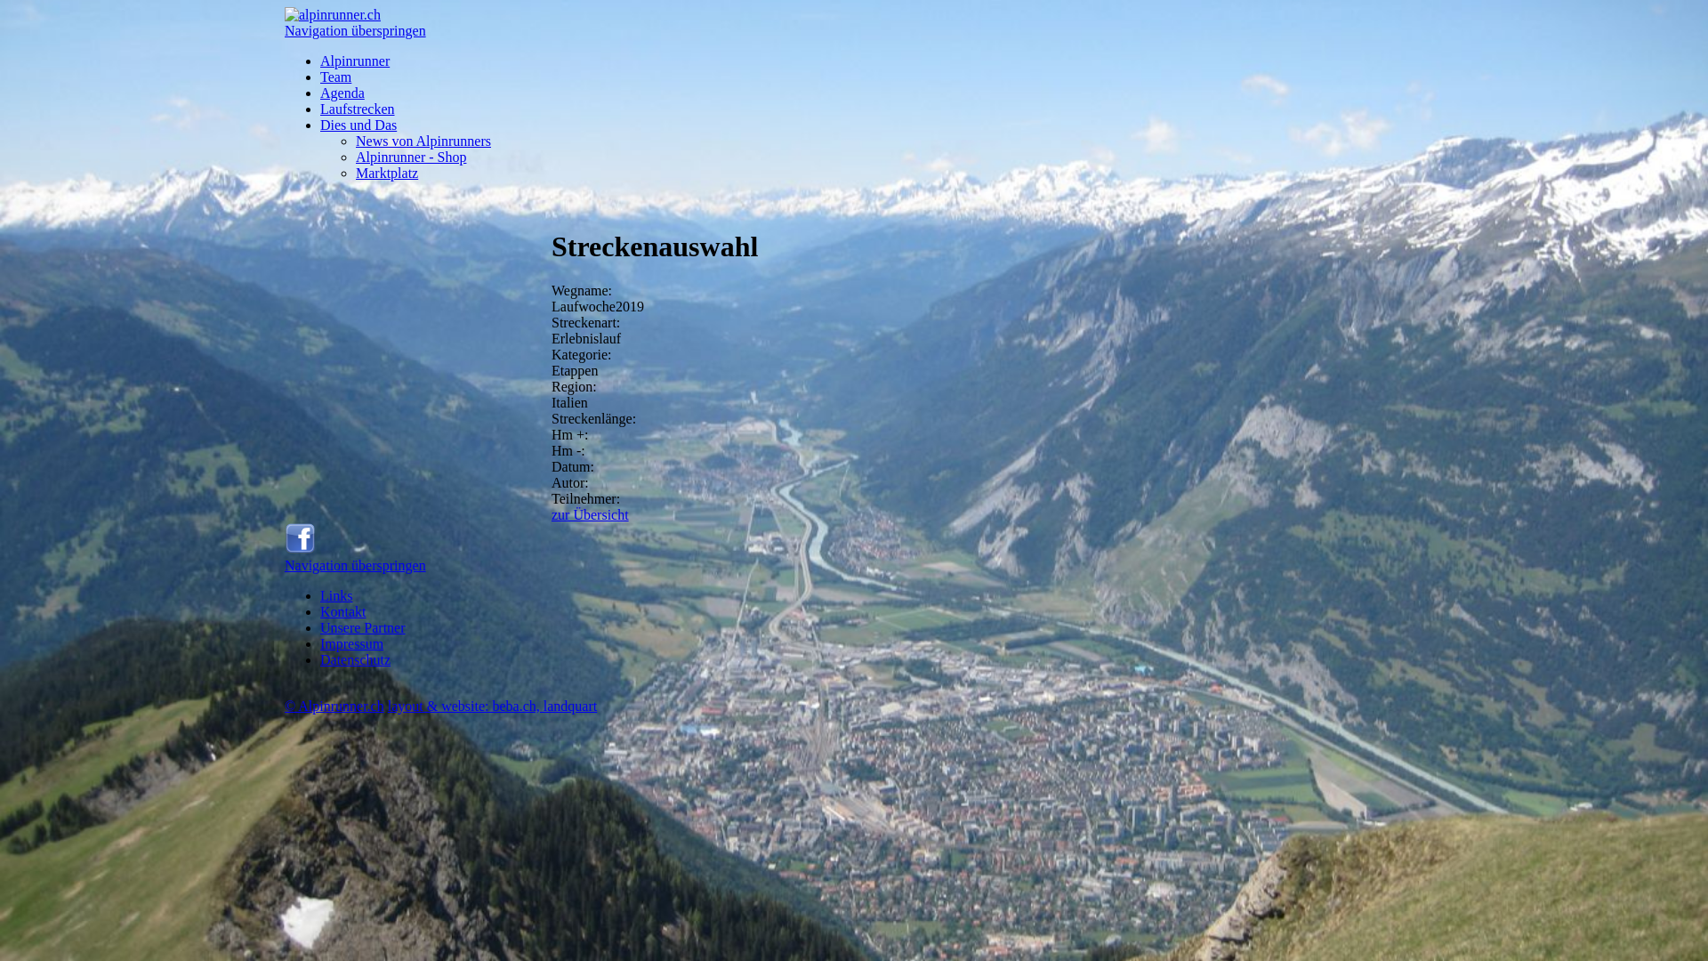 This screenshot has height=961, width=1708. Describe the element at coordinates (387, 705) in the screenshot. I see `'layout & website: beba.ch, landquart'` at that location.